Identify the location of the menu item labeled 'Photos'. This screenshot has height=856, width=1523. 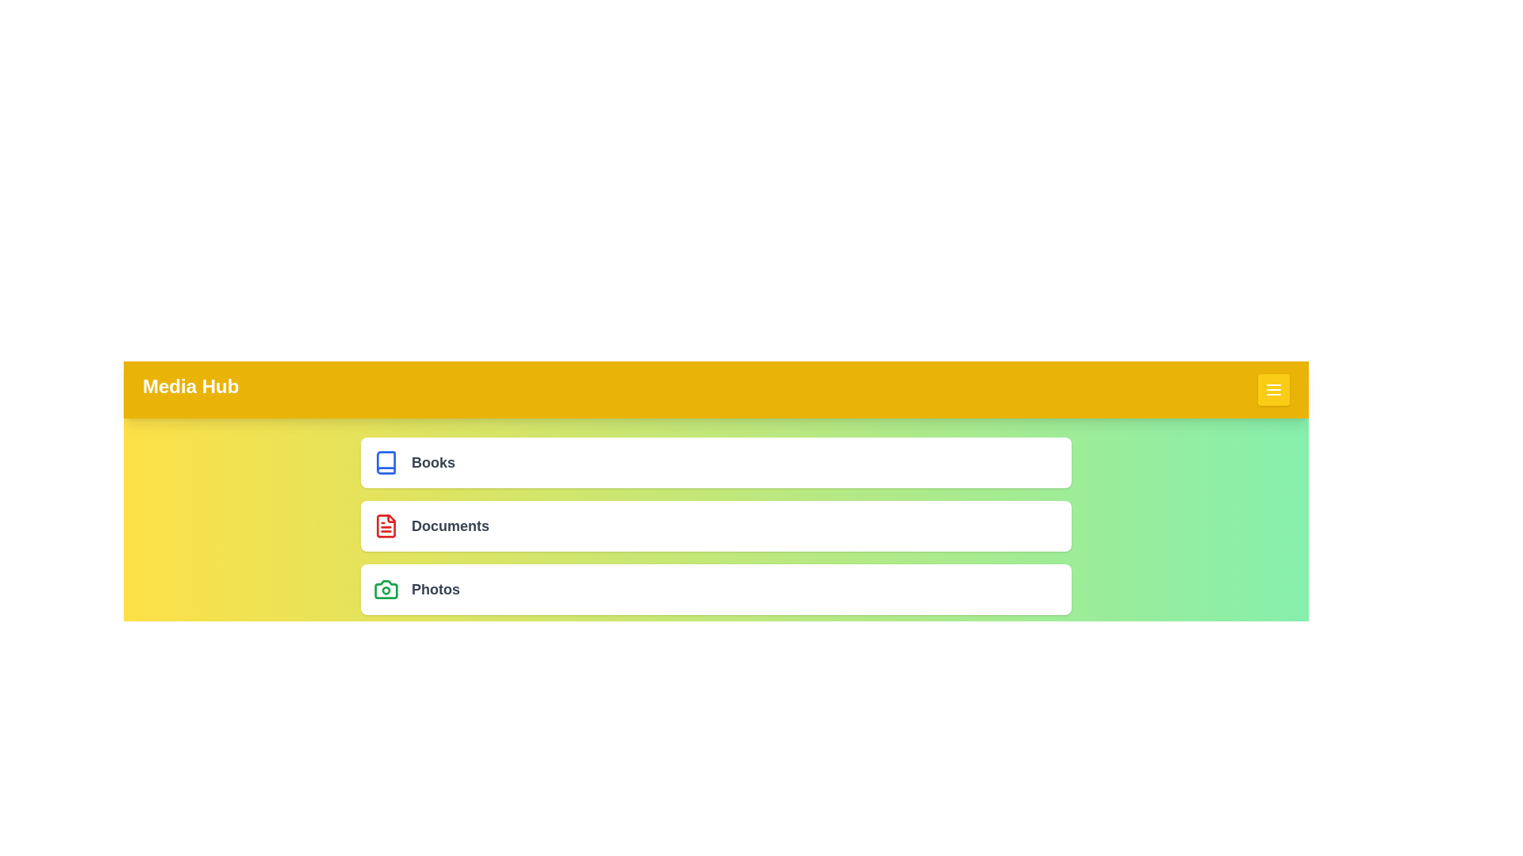
(715, 590).